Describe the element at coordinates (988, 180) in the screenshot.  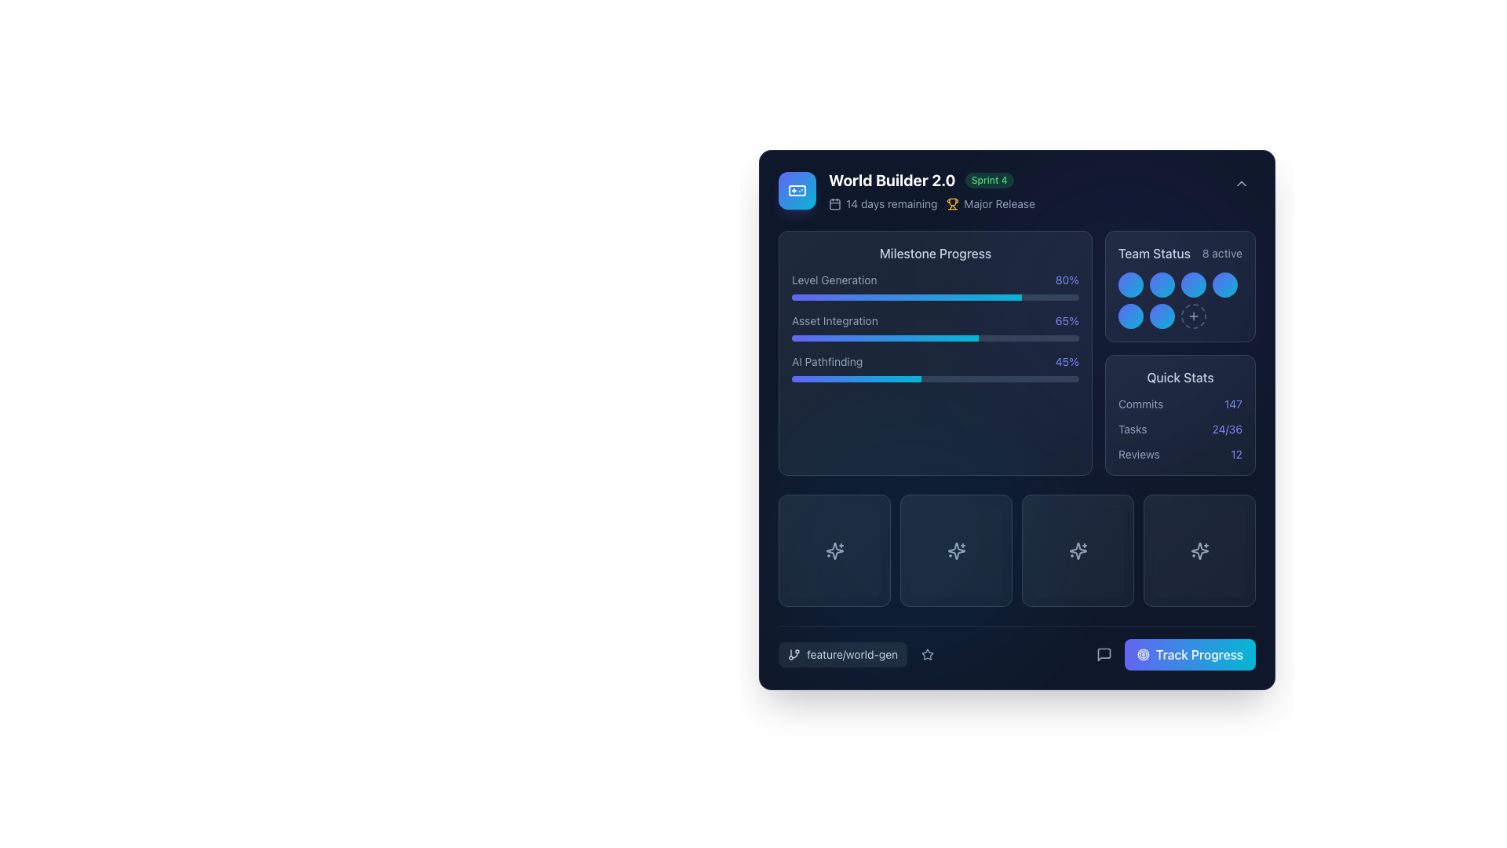
I see `the badge that communicates the current sprint phase, positioned to the right of 'World Builder 2.0' in the top-left portion of the interface` at that location.